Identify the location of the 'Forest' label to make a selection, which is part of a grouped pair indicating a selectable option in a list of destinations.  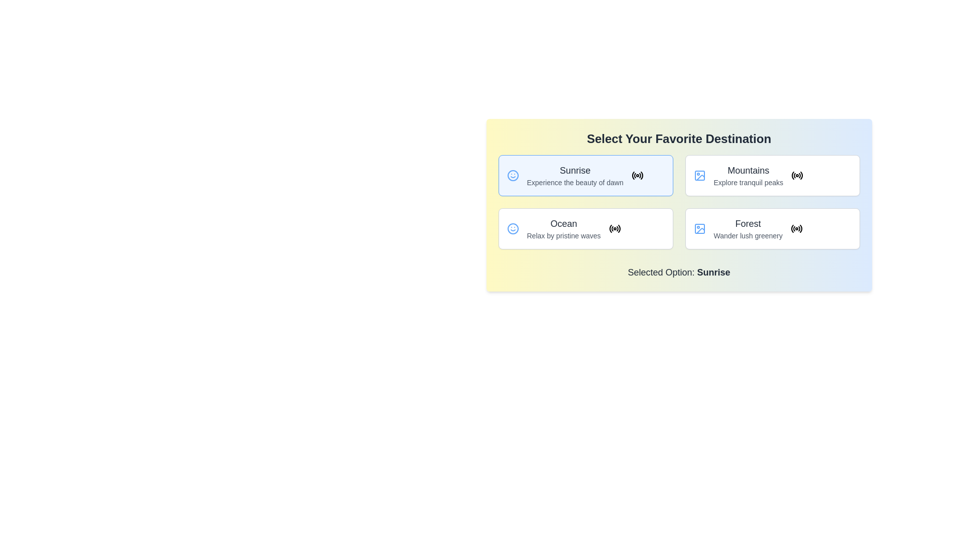
(748, 223).